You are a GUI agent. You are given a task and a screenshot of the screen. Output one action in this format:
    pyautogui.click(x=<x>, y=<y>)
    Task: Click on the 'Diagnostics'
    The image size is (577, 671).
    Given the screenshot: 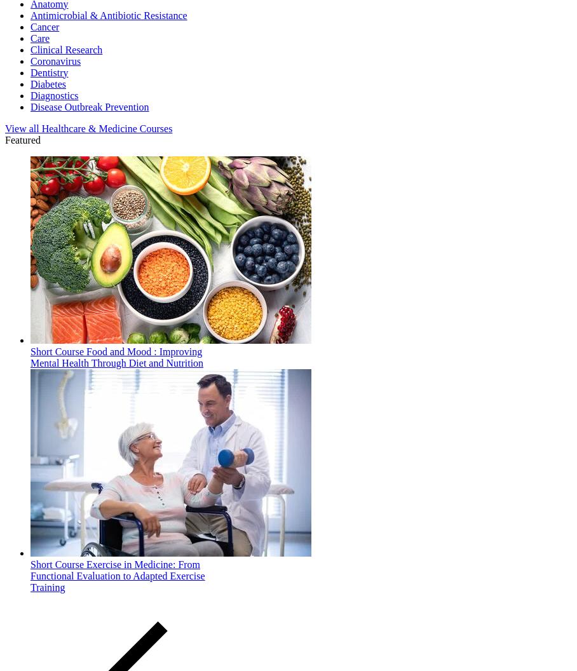 What is the action you would take?
    pyautogui.click(x=31, y=95)
    